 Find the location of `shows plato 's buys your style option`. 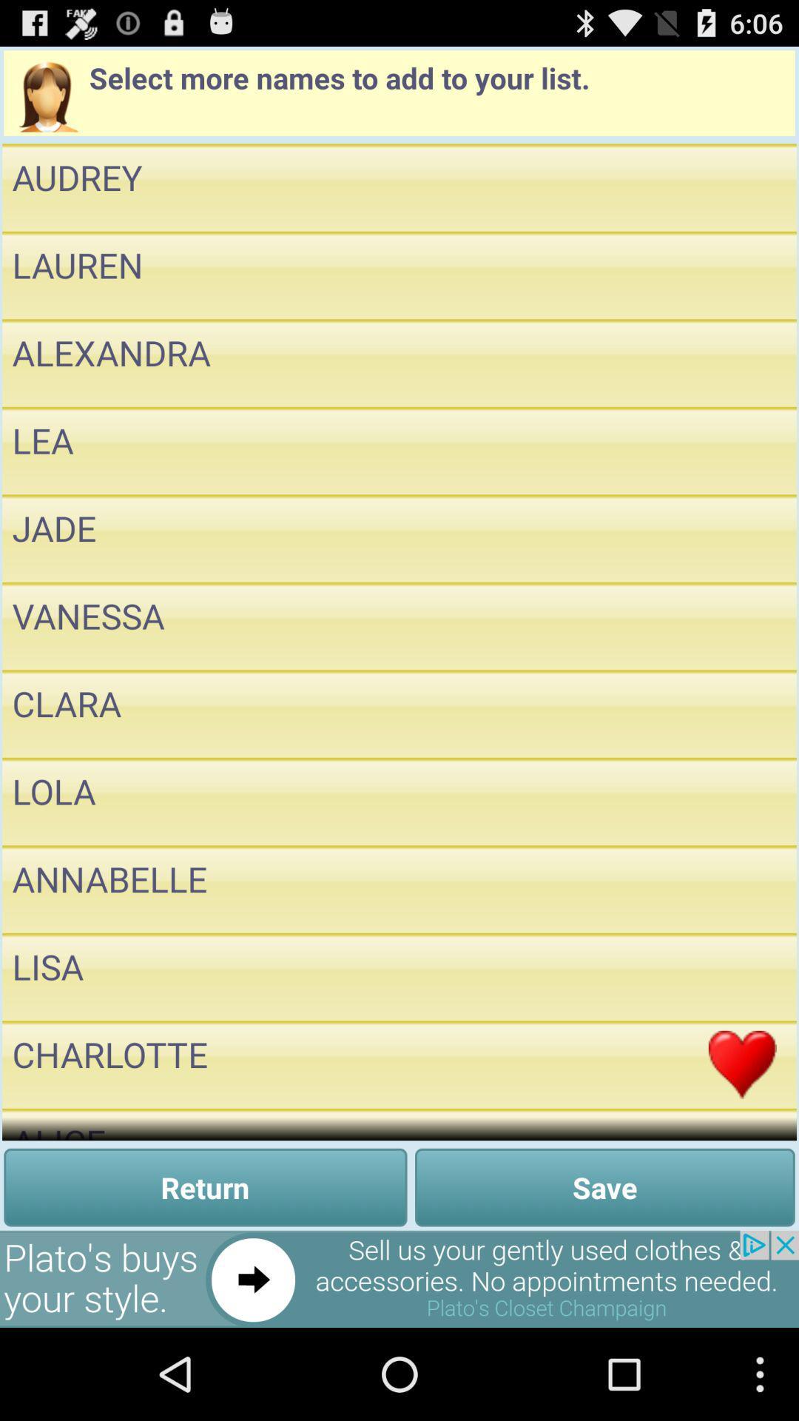

shows plato 's buys your style option is located at coordinates (399, 1278).